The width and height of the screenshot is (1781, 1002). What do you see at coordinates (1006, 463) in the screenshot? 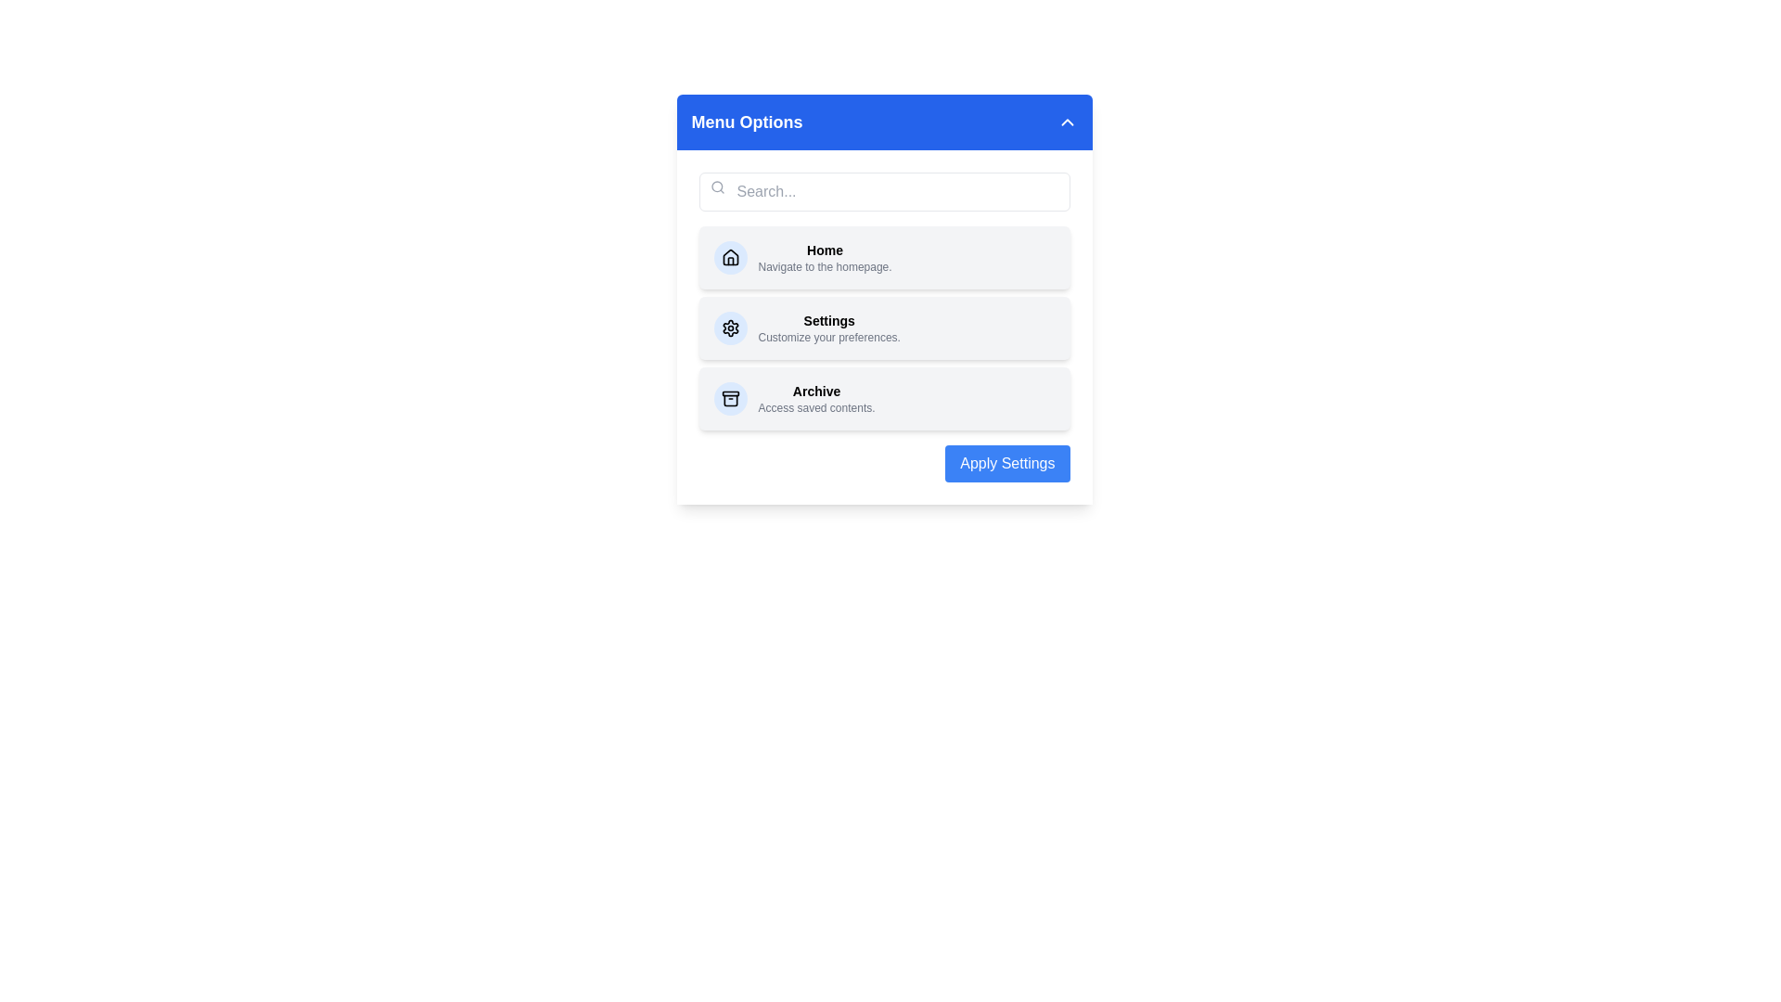
I see `the 'Apply Settings' button to apply the selected settings` at bounding box center [1006, 463].